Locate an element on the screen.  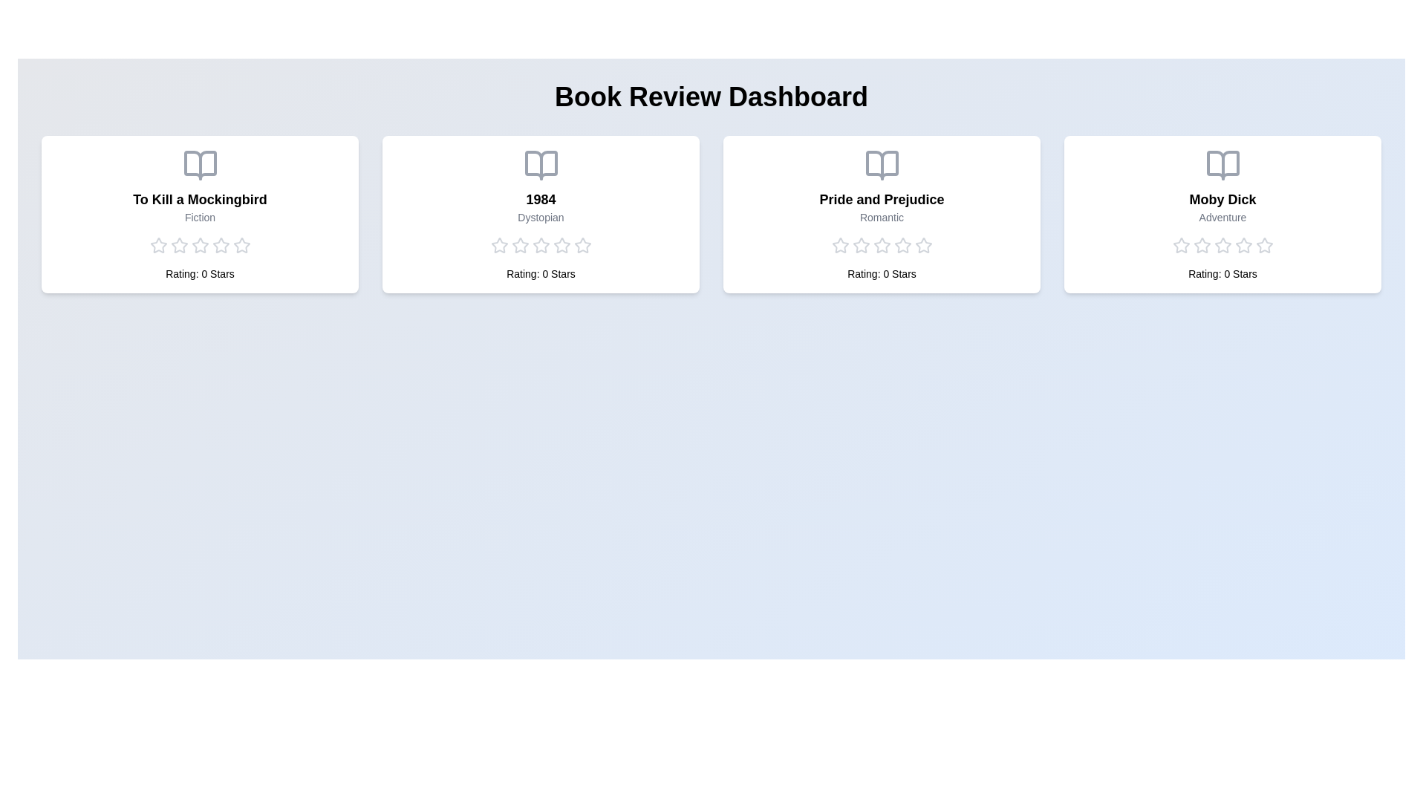
the book card for 'To Kill a Mockingbird' to observe its hover effect is located at coordinates (199, 215).